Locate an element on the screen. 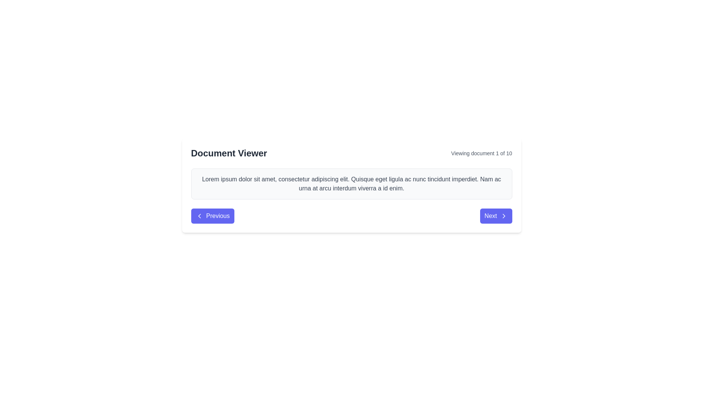 Image resolution: width=727 pixels, height=408 pixels. the 'Previous' button is located at coordinates (212, 216).